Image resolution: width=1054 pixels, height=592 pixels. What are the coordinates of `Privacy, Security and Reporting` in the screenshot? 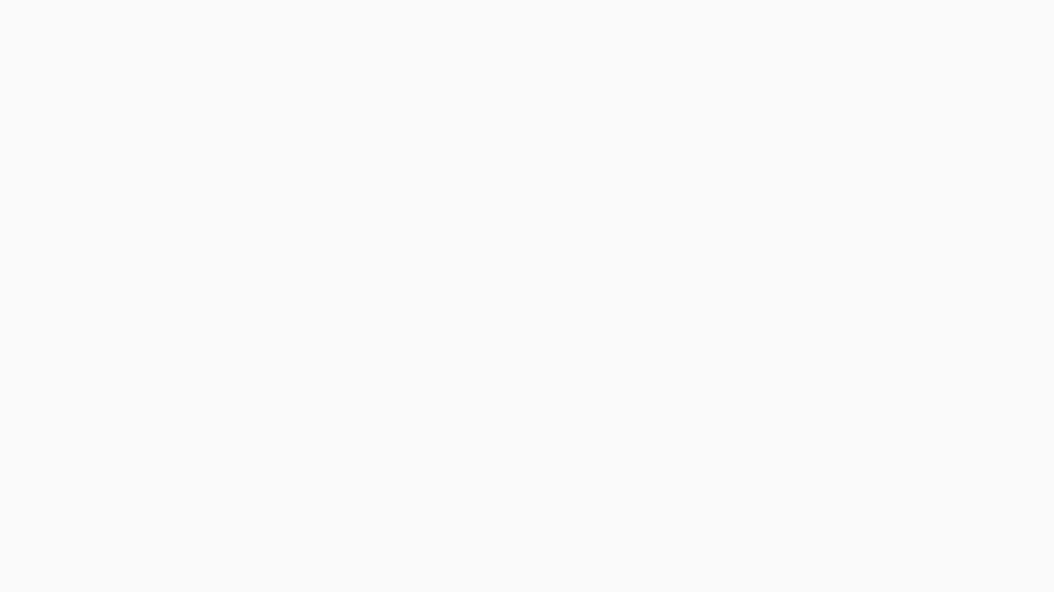 It's located at (99, 135).